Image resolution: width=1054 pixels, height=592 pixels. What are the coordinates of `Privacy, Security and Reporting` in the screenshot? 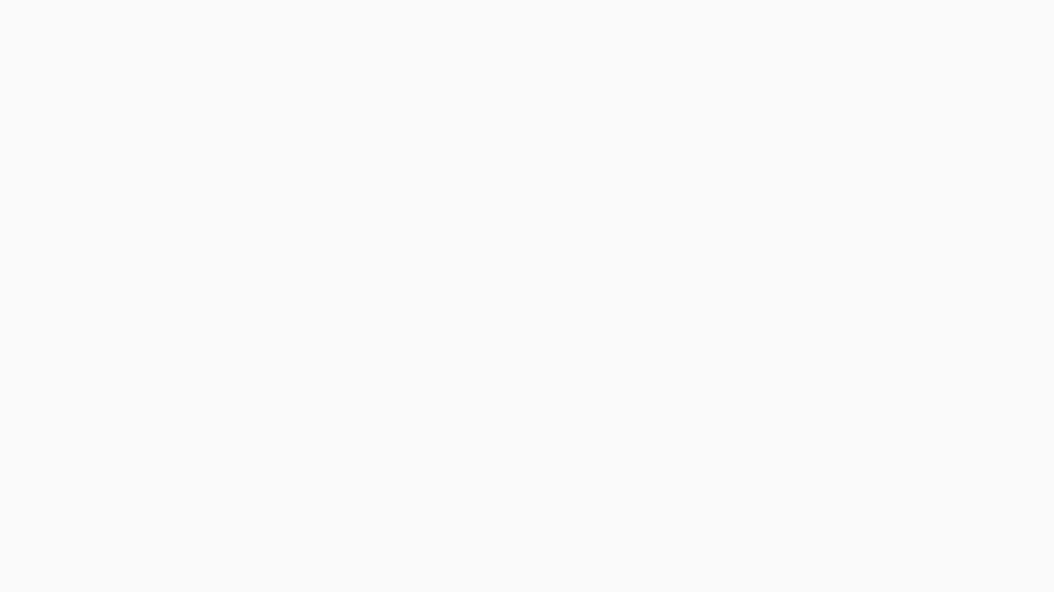 It's located at (99, 135).